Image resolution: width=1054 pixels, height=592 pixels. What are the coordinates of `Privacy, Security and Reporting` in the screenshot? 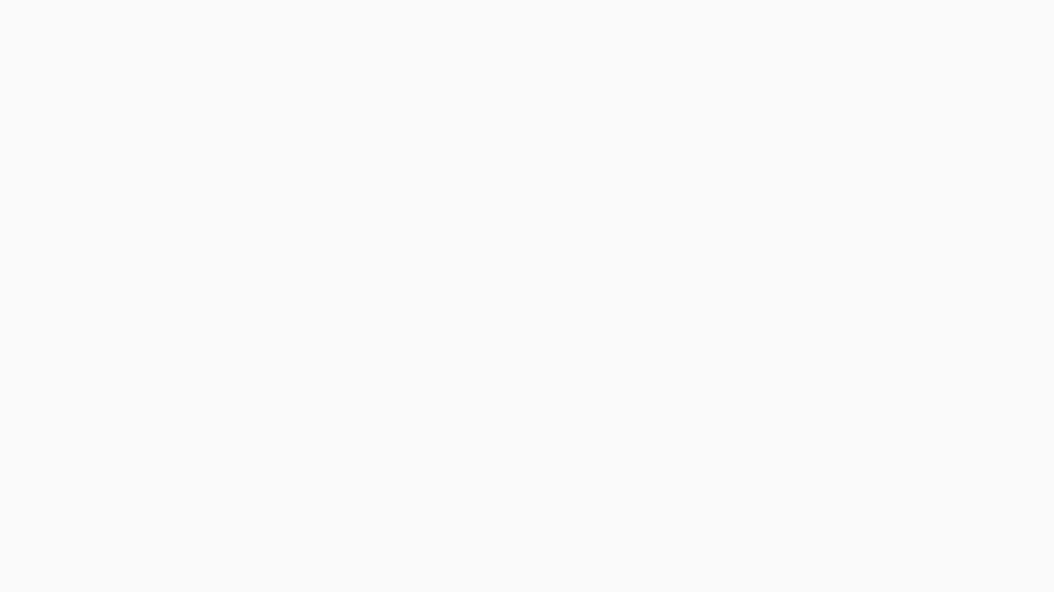 It's located at (99, 135).